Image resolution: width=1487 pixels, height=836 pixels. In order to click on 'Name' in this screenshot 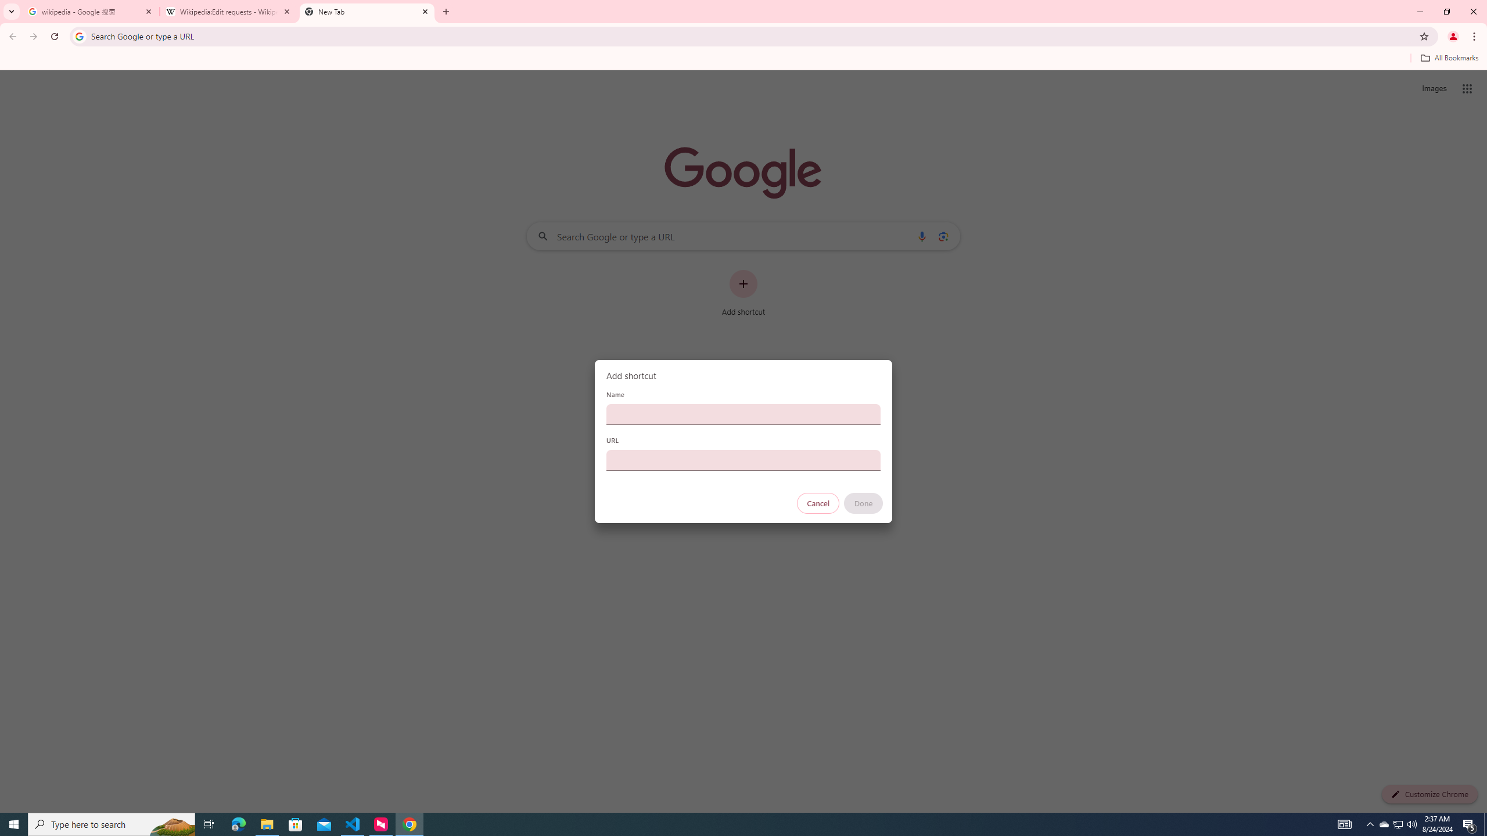, I will do `click(743, 413)`.